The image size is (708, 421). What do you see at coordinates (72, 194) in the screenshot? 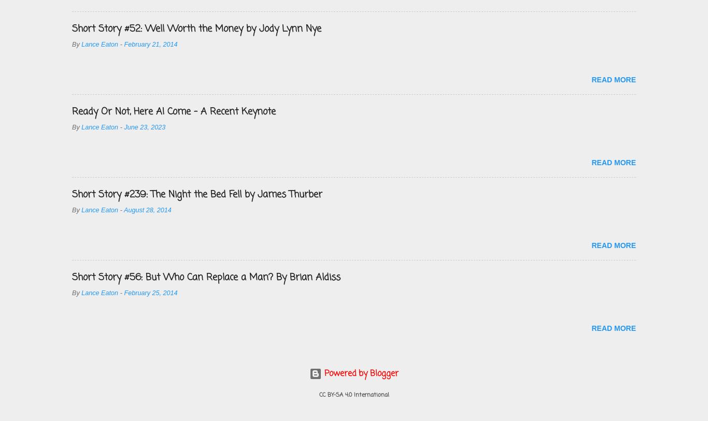
I see `'Short Story #239: The Night the Bed Fell by James Thurber'` at bounding box center [72, 194].